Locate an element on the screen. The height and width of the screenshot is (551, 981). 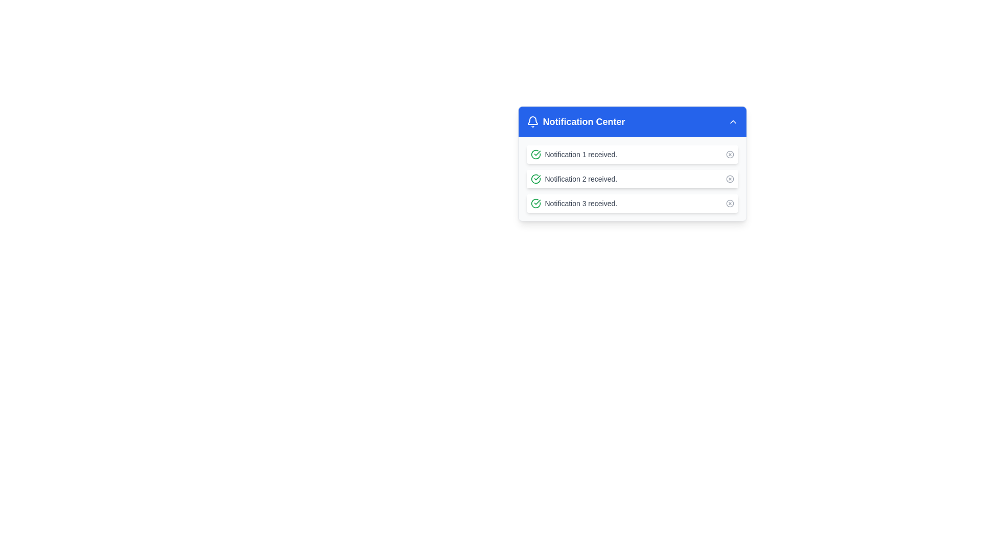
the circular icon with a green outline and check mark symbol, located to the left of the text label 'Notification 1 received' is located at coordinates (535, 155).